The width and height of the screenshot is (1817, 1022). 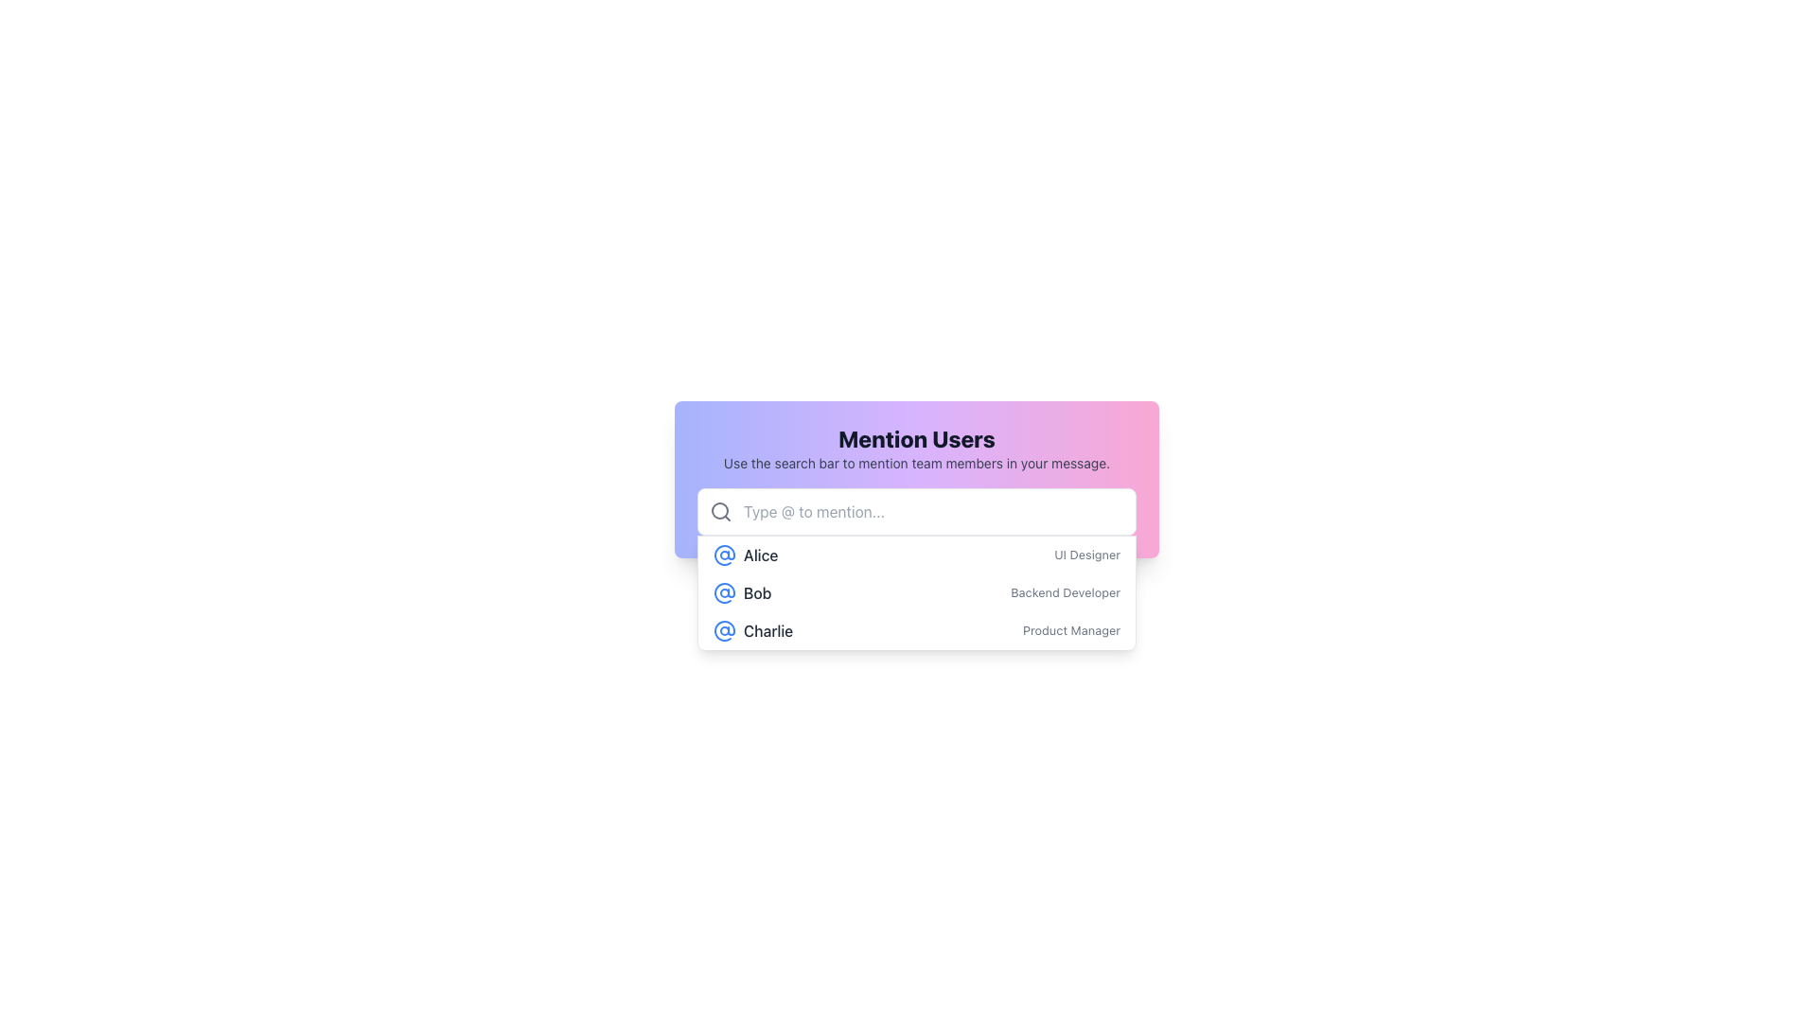 What do you see at coordinates (724, 554) in the screenshot?
I see `the circular blue icon with an '@' symbol, located at the left side of the first list item in the dropdown menu for user mentions, associated with user 'Alice'` at bounding box center [724, 554].